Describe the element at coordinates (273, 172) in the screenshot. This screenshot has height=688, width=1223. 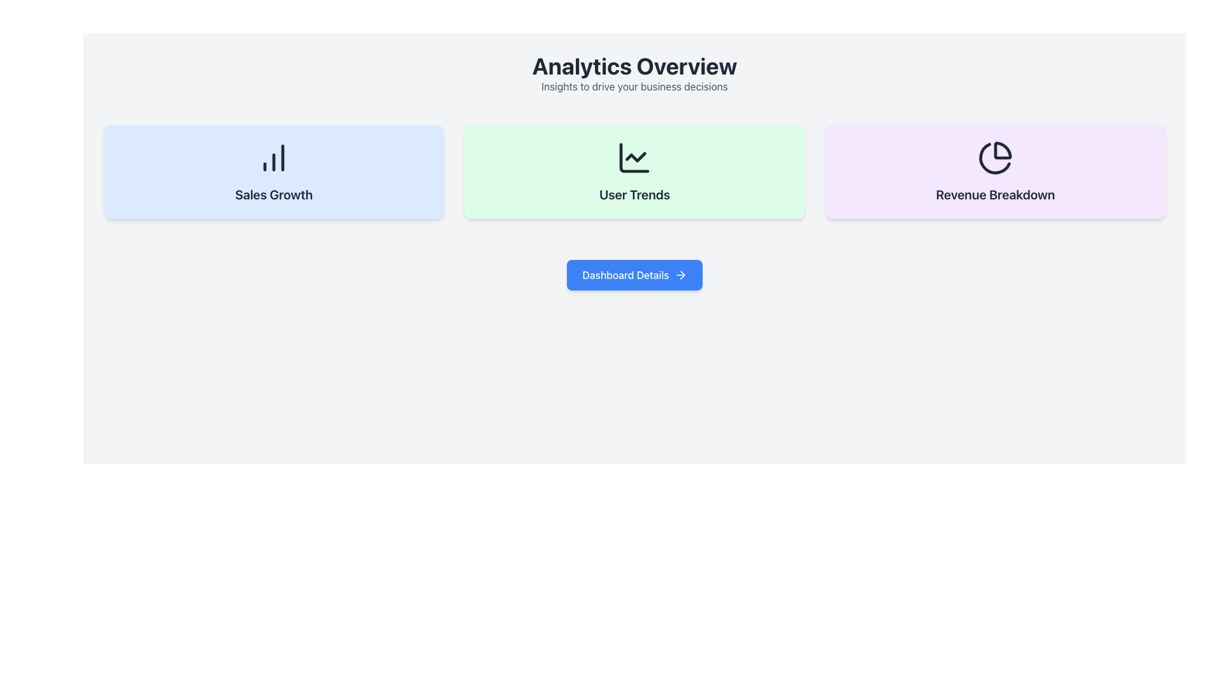
I see `the 'Sales Growth' informational card located at the leftmost position in the row of three cards` at that location.